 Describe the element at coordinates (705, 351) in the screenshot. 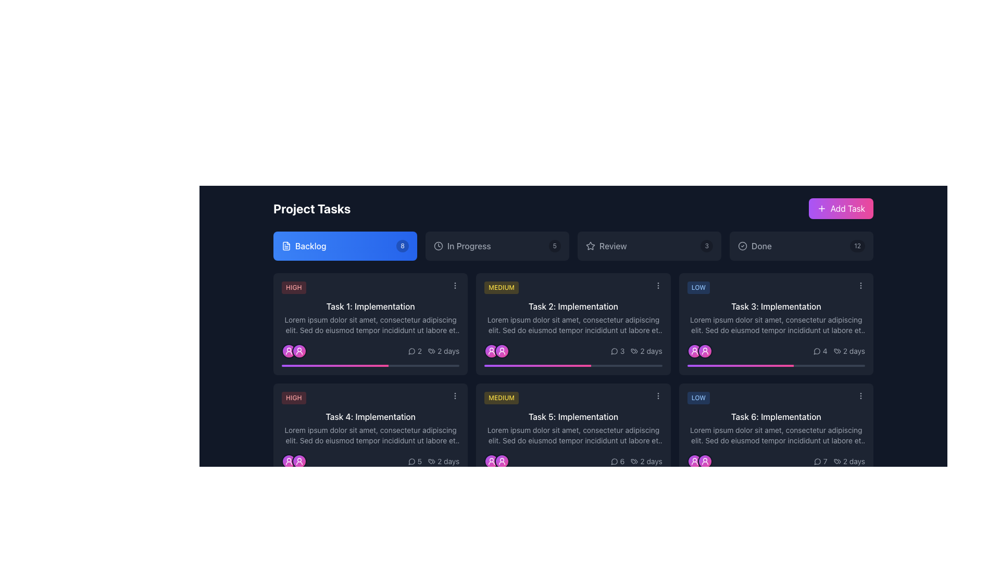

I see `the user icon located at the center of the circular gradient background within the 'LOW' task card of 'Task 3: Implementation'` at that location.